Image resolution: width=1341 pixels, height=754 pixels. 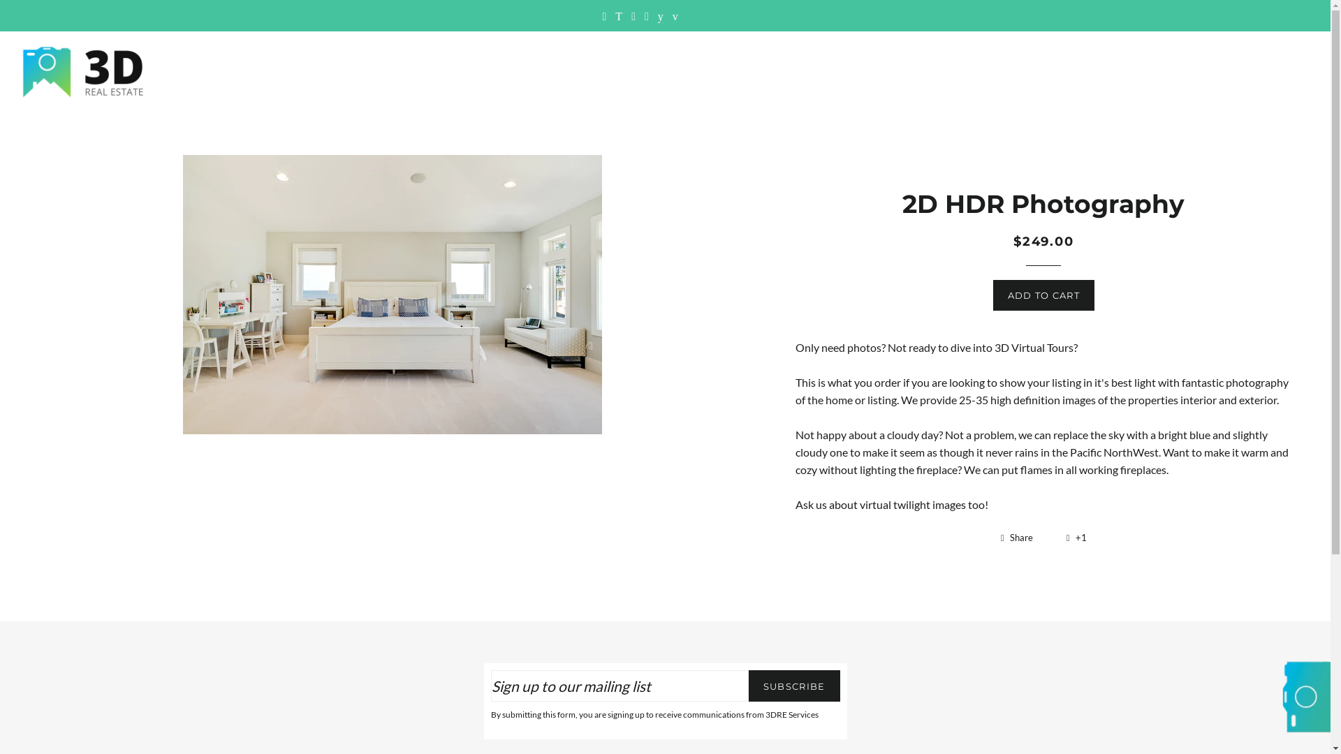 What do you see at coordinates (633, 15) in the screenshot?
I see `'3DRE Services on Instagram'` at bounding box center [633, 15].